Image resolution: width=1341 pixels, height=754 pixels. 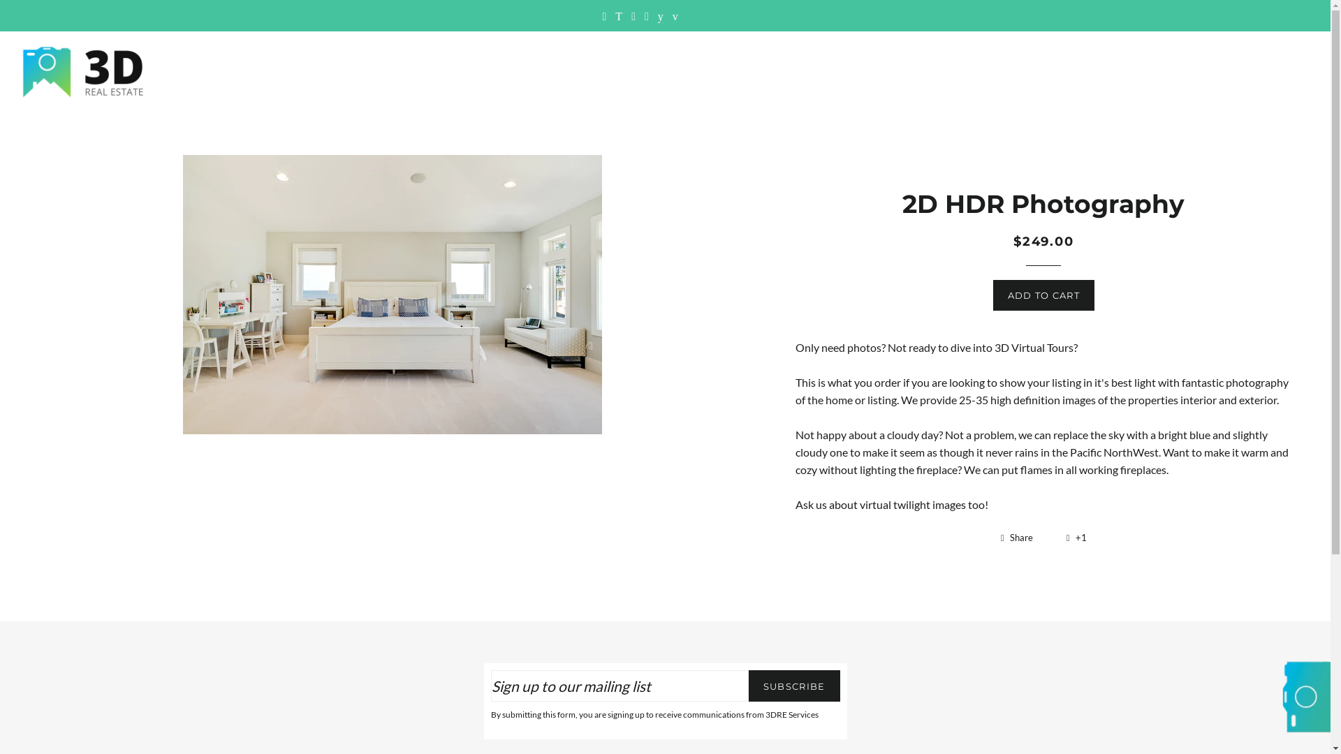 What do you see at coordinates (633, 15) in the screenshot?
I see `'3DRE Services on Instagram'` at bounding box center [633, 15].